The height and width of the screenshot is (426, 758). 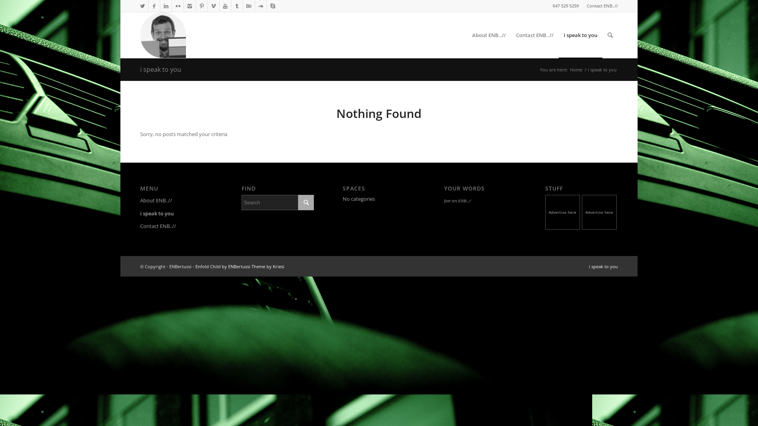 I want to click on 'About ENB..//', so click(x=488, y=34).